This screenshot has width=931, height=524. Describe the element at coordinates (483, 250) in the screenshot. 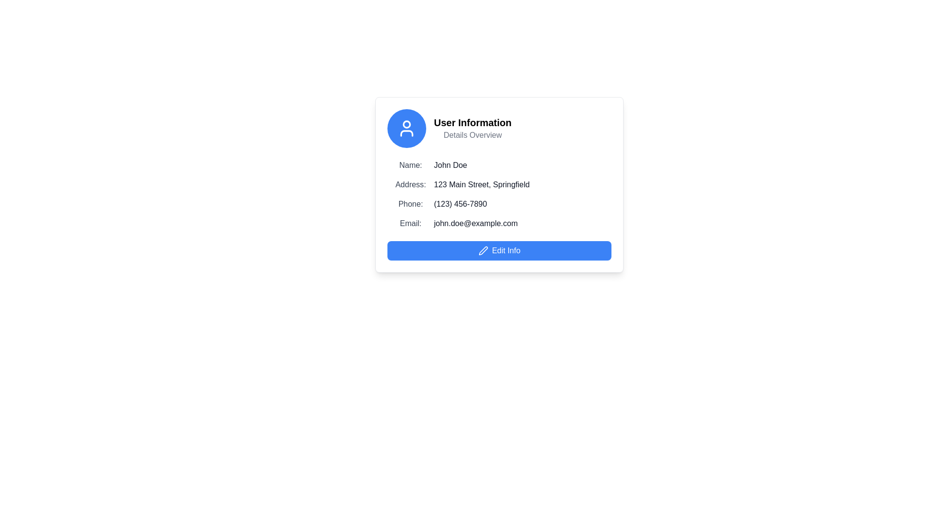

I see `the edit icon located centrally within the 'Edit Info' button, which has a blue background and indicates the editing functionality` at that location.